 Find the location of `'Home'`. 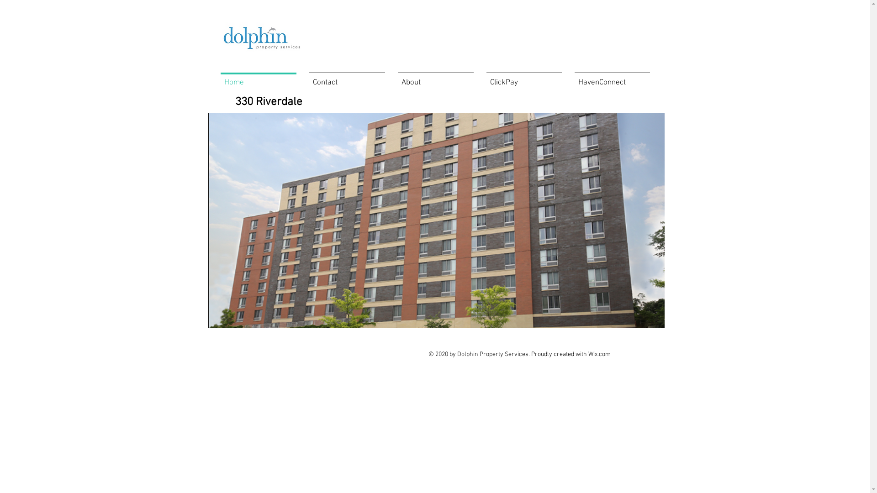

'Home' is located at coordinates (213, 78).